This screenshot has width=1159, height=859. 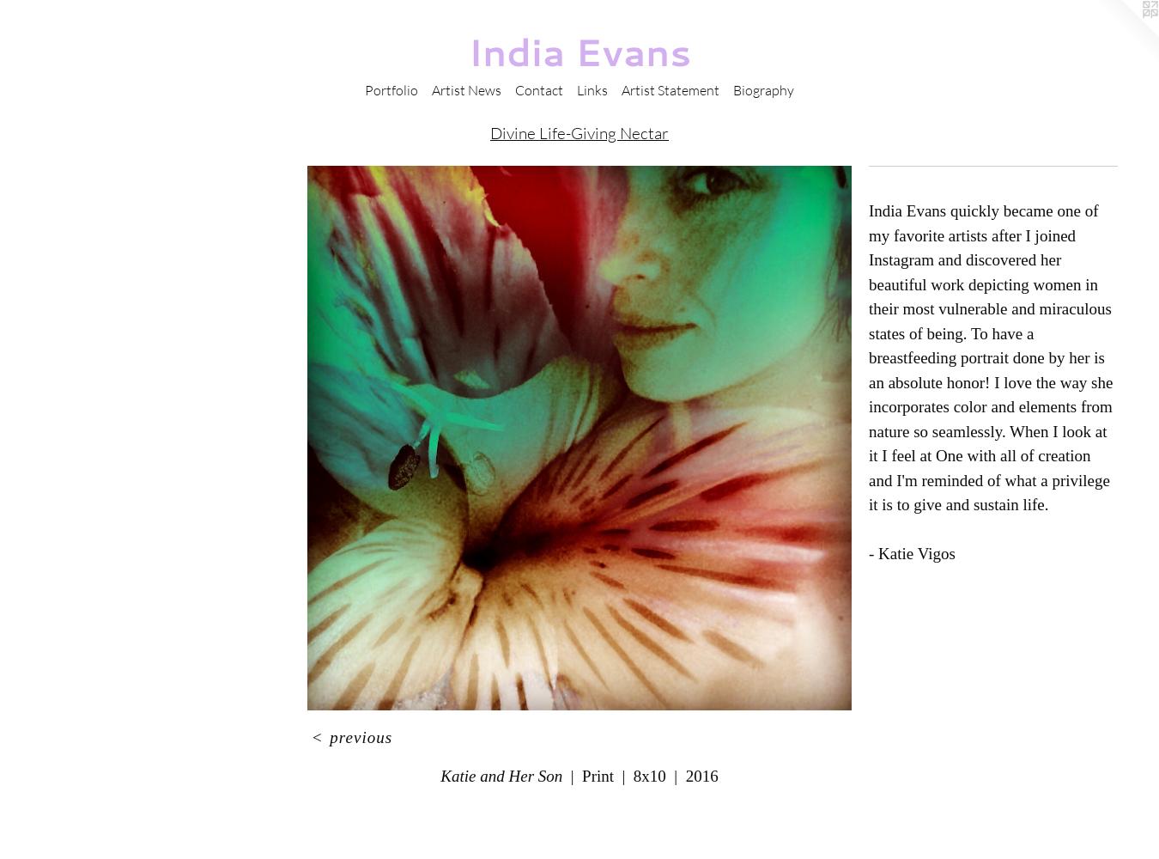 What do you see at coordinates (669, 89) in the screenshot?
I see `'Artist Statement'` at bounding box center [669, 89].